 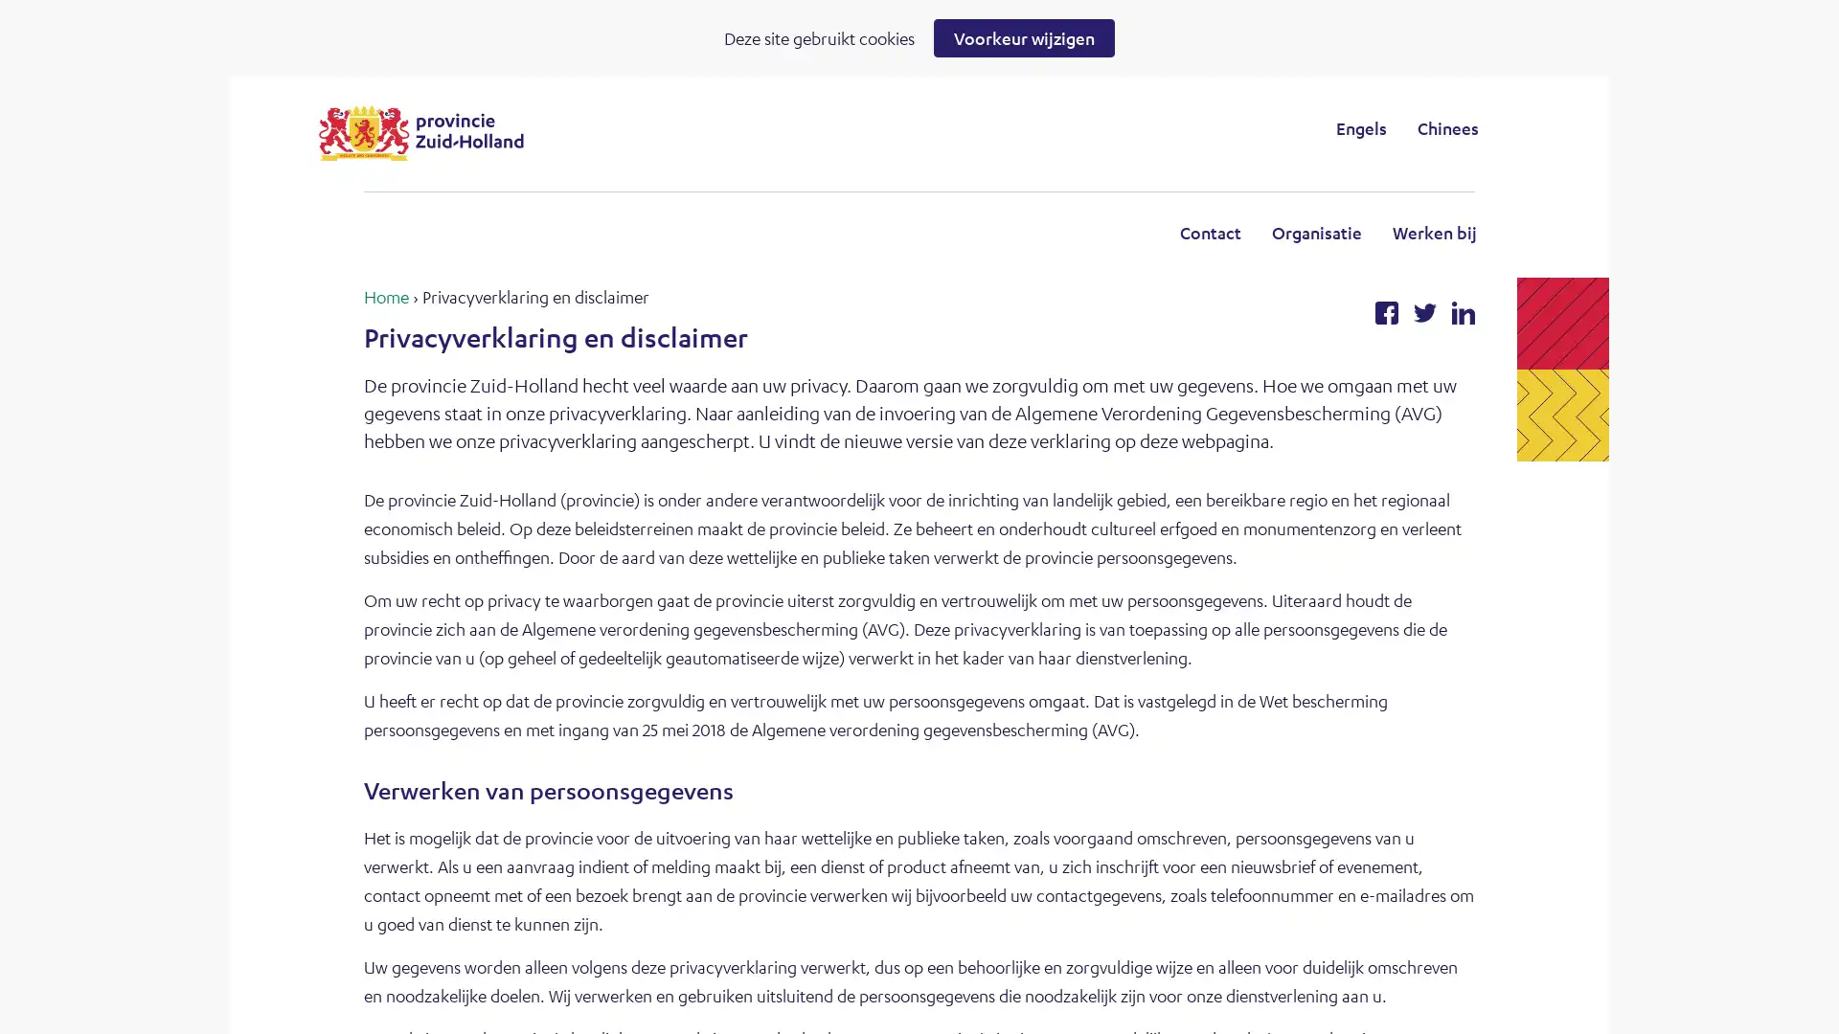 I want to click on Zoeken, so click(x=1077, y=127).